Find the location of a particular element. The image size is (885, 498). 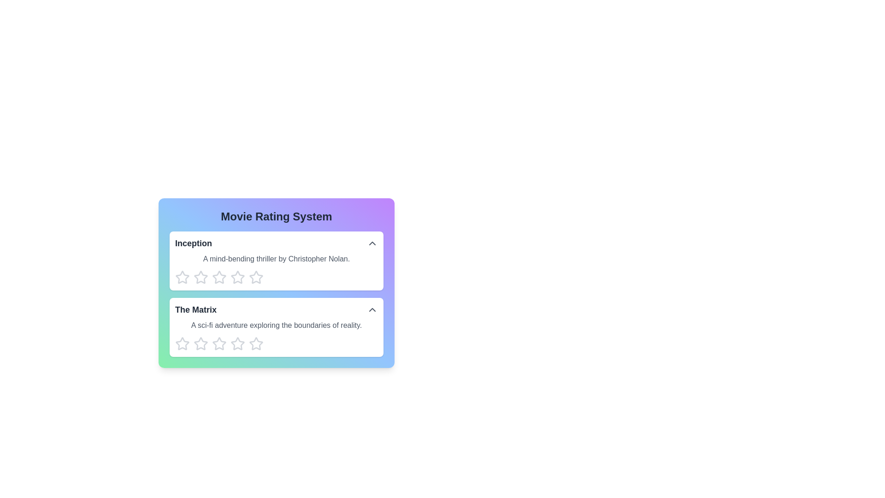

the second star icon is located at coordinates (218, 344).